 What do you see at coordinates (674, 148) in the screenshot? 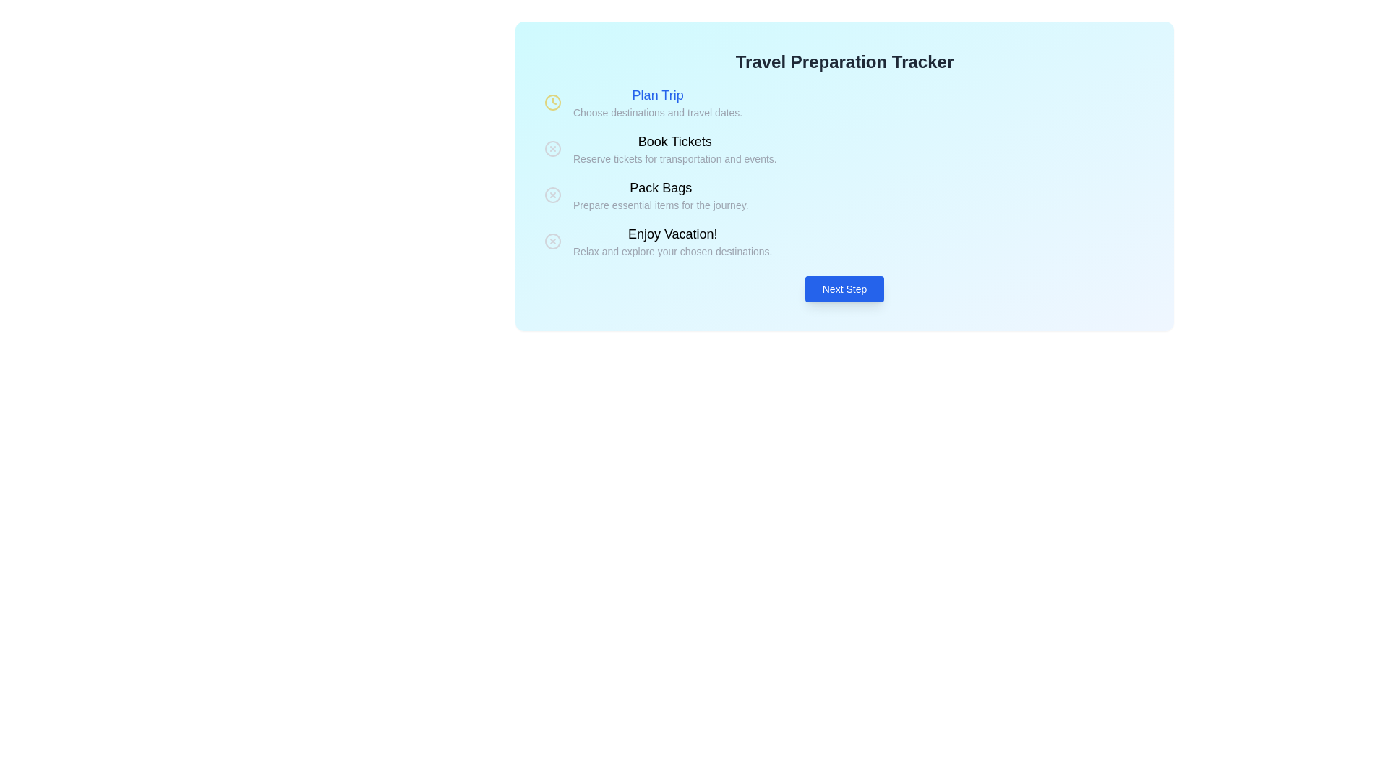
I see `the Text block that provides information about the step 'Book Tickets' in the Travel Preparation Tracker, which is positioned below 'Plan Trip' and above 'Pack Bags'` at bounding box center [674, 148].